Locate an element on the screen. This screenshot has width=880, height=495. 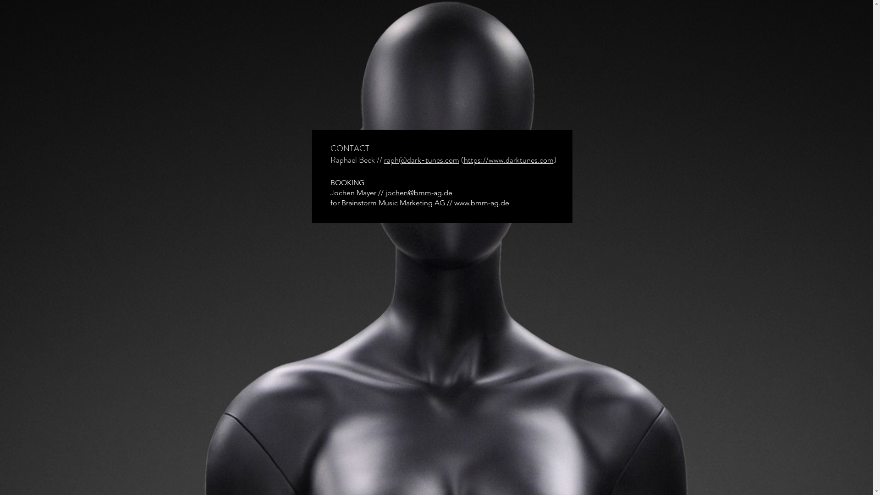
'raph@dark-tunes.com' is located at coordinates (384, 159).